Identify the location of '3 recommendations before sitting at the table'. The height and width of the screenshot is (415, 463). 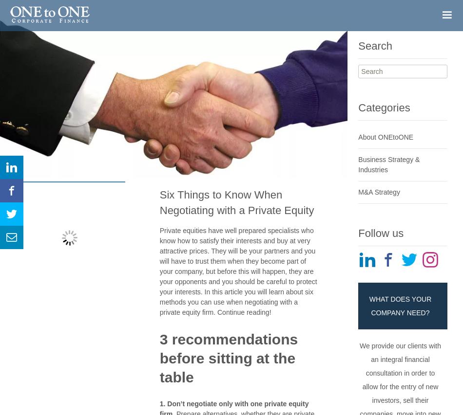
(228, 357).